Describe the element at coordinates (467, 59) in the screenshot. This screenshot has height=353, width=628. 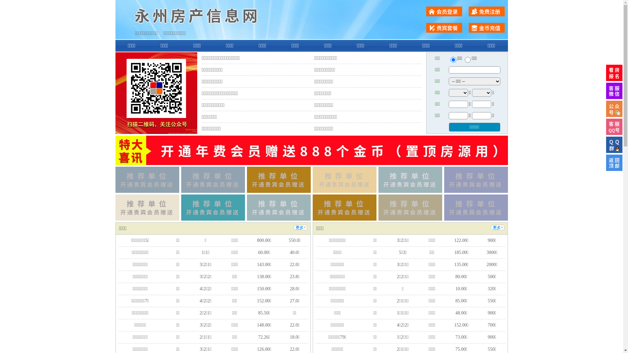
I see `'chuzu'` at that location.